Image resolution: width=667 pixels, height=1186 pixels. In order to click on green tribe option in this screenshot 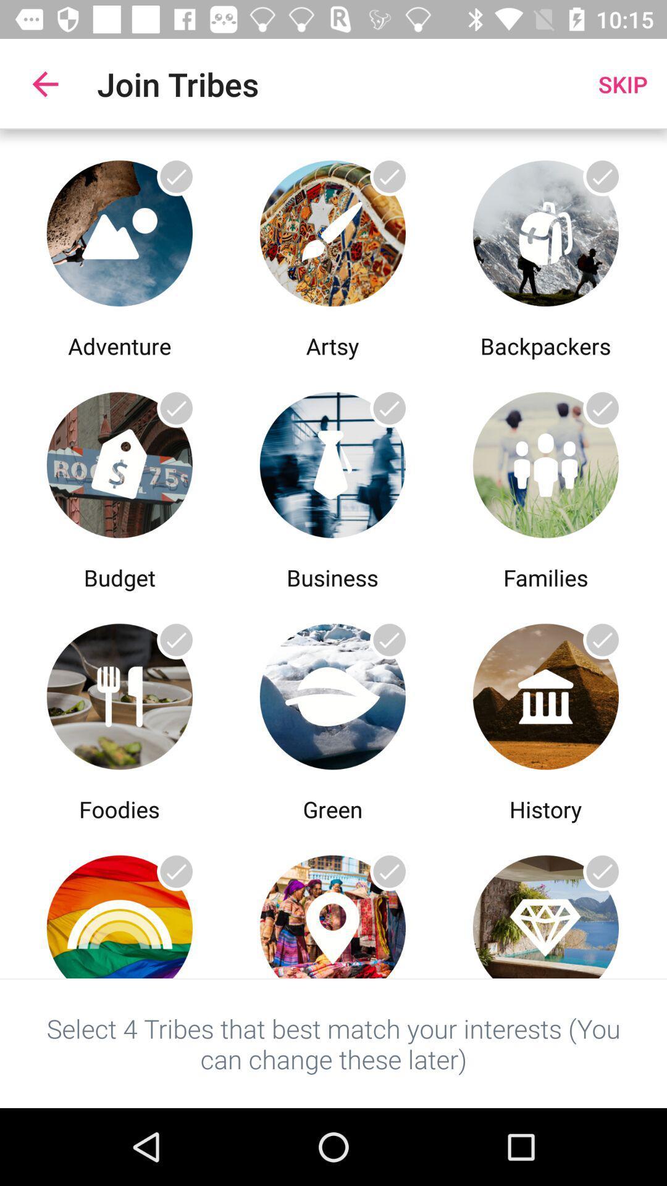, I will do `click(332, 693)`.